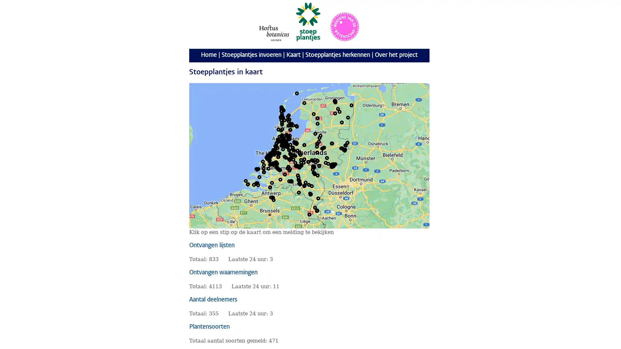 This screenshot has height=349, width=621. Describe the element at coordinates (274, 153) in the screenshot. I see `Telling van Mika Tkauz op 22 april 2022` at that location.